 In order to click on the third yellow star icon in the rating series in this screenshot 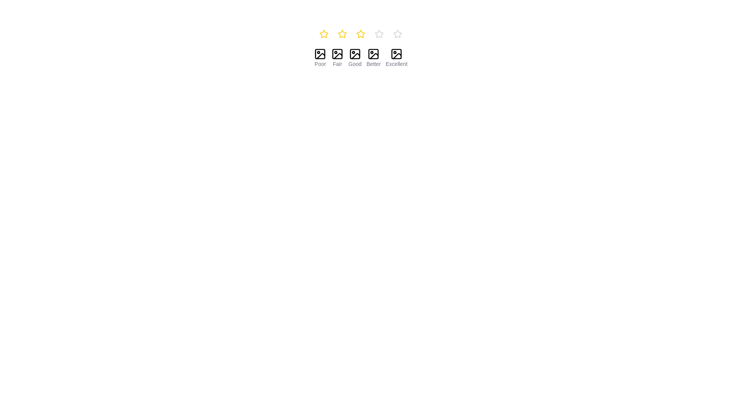, I will do `click(360, 33)`.